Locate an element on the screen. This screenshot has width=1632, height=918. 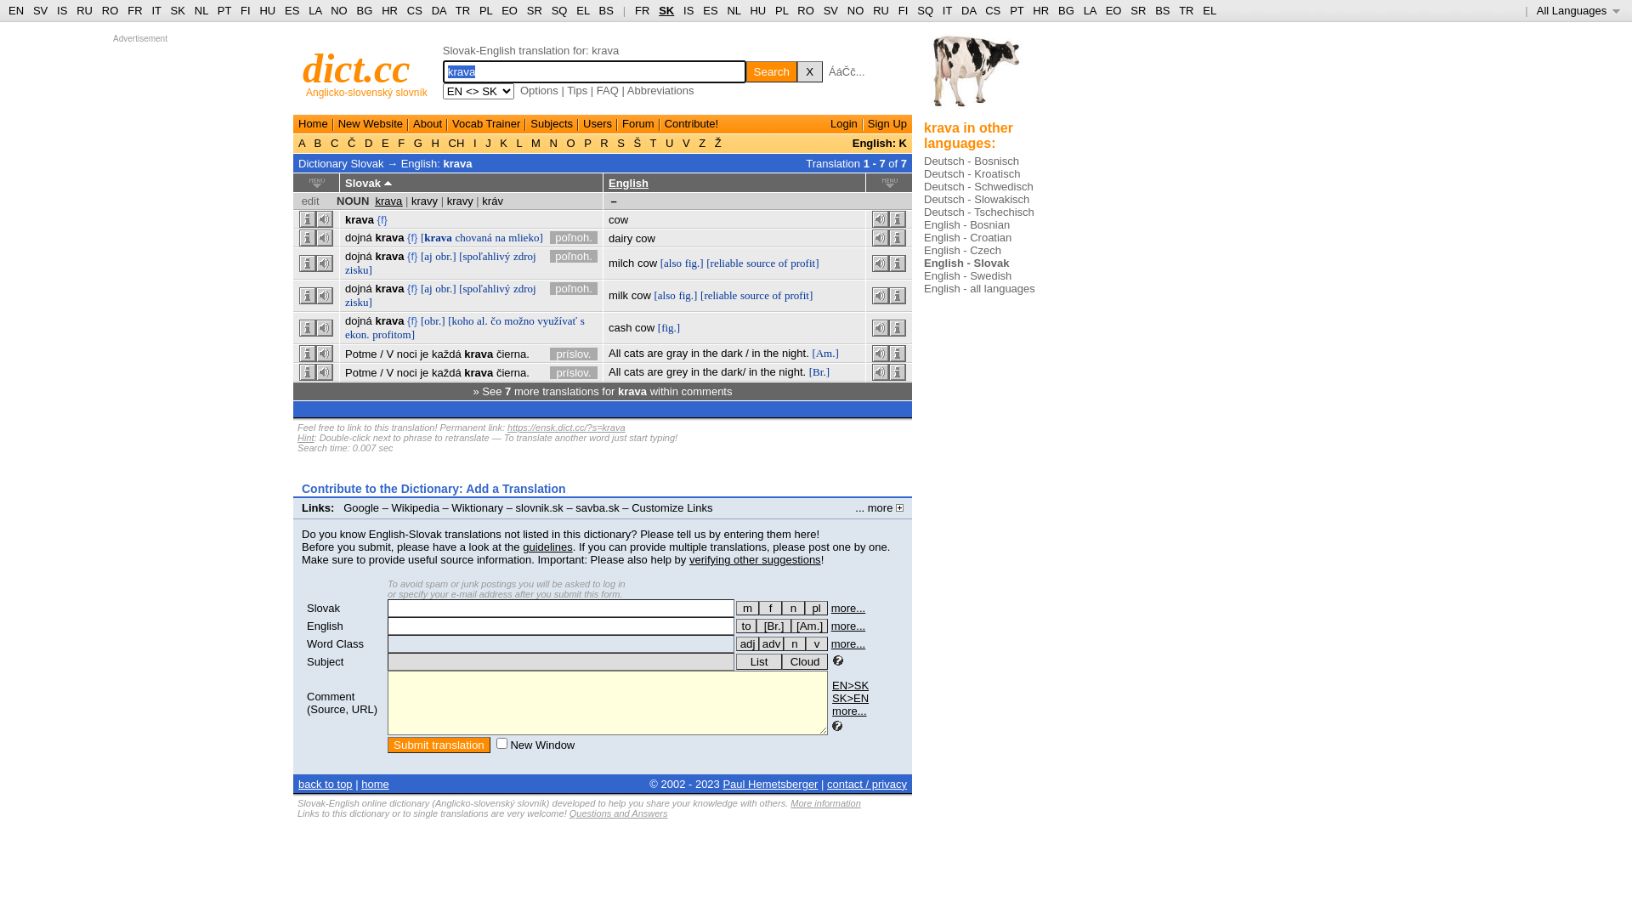
'cow' is located at coordinates (644, 237).